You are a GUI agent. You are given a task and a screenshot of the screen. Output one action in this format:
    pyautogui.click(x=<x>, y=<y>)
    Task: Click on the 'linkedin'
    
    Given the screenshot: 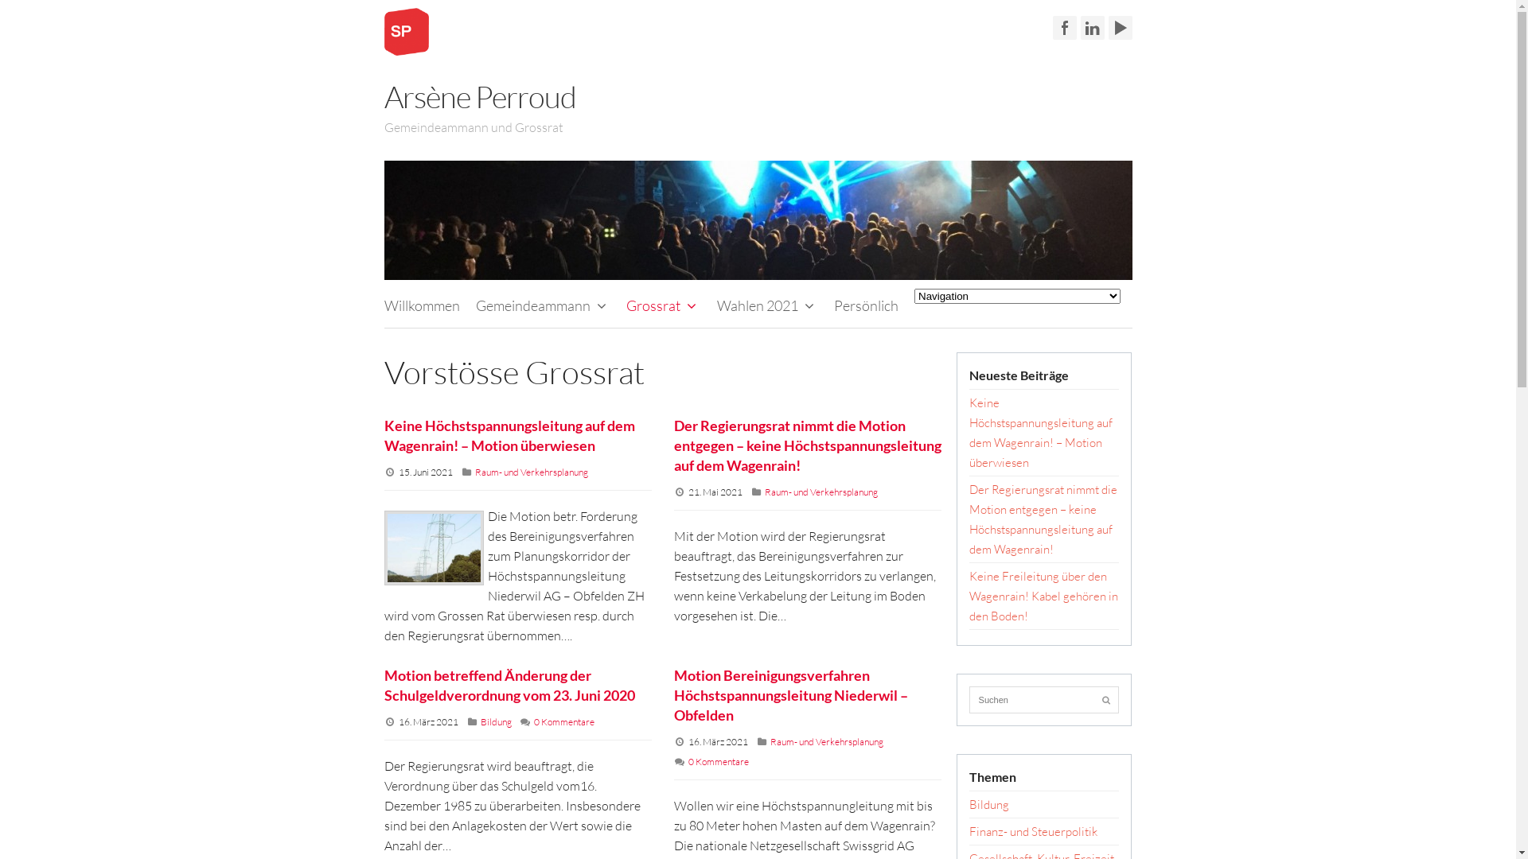 What is the action you would take?
    pyautogui.click(x=1091, y=27)
    